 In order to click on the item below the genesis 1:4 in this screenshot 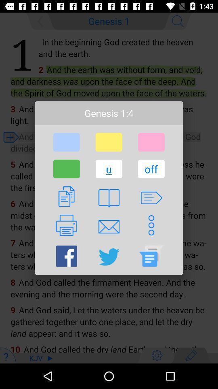, I will do `click(66, 142)`.